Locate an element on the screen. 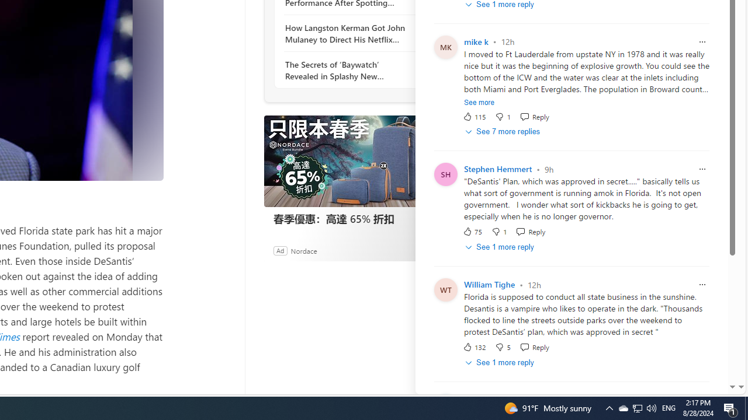  '132 Like' is located at coordinates (474, 346).